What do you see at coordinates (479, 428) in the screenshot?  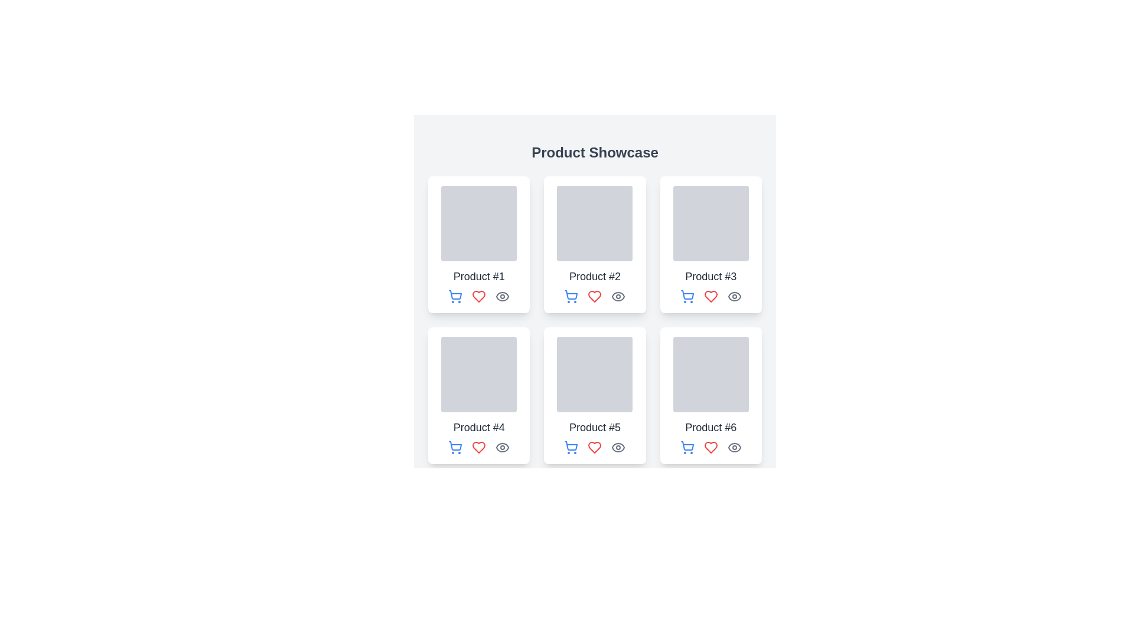 I see `the static text label reading 'Product #4', which is styled with a medium-sized font and dark gray color, positioned centrally within a rounded white card in a grid layout` at bounding box center [479, 428].